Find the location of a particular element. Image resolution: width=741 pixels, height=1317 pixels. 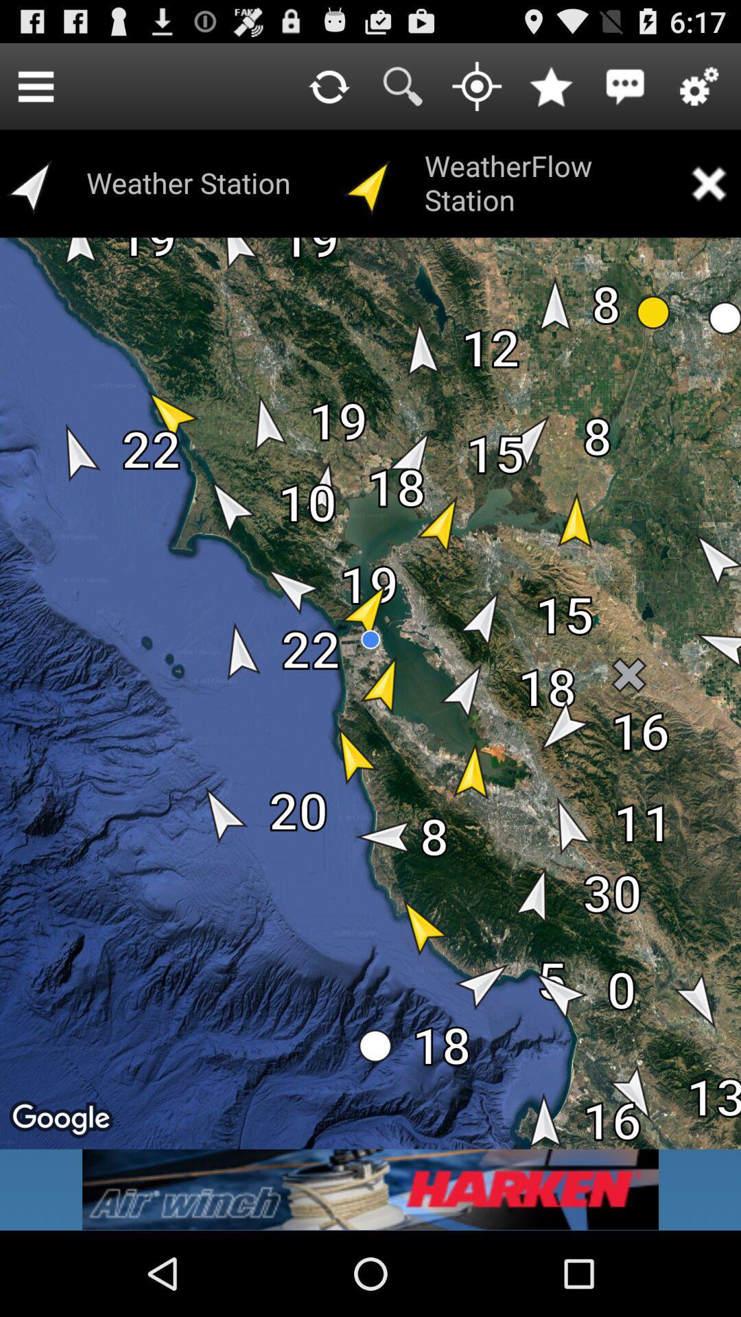

refresh input is located at coordinates (329, 85).